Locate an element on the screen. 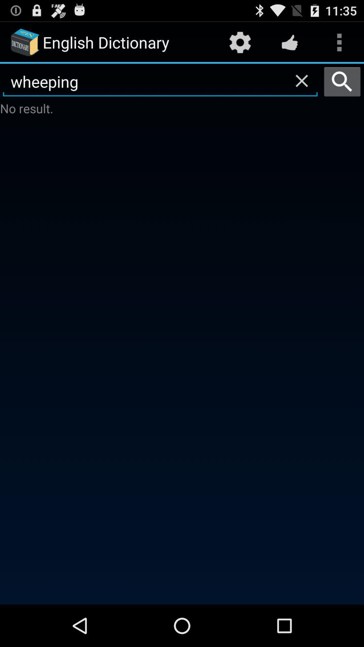 The height and width of the screenshot is (647, 364). wheeping item is located at coordinates (160, 82).